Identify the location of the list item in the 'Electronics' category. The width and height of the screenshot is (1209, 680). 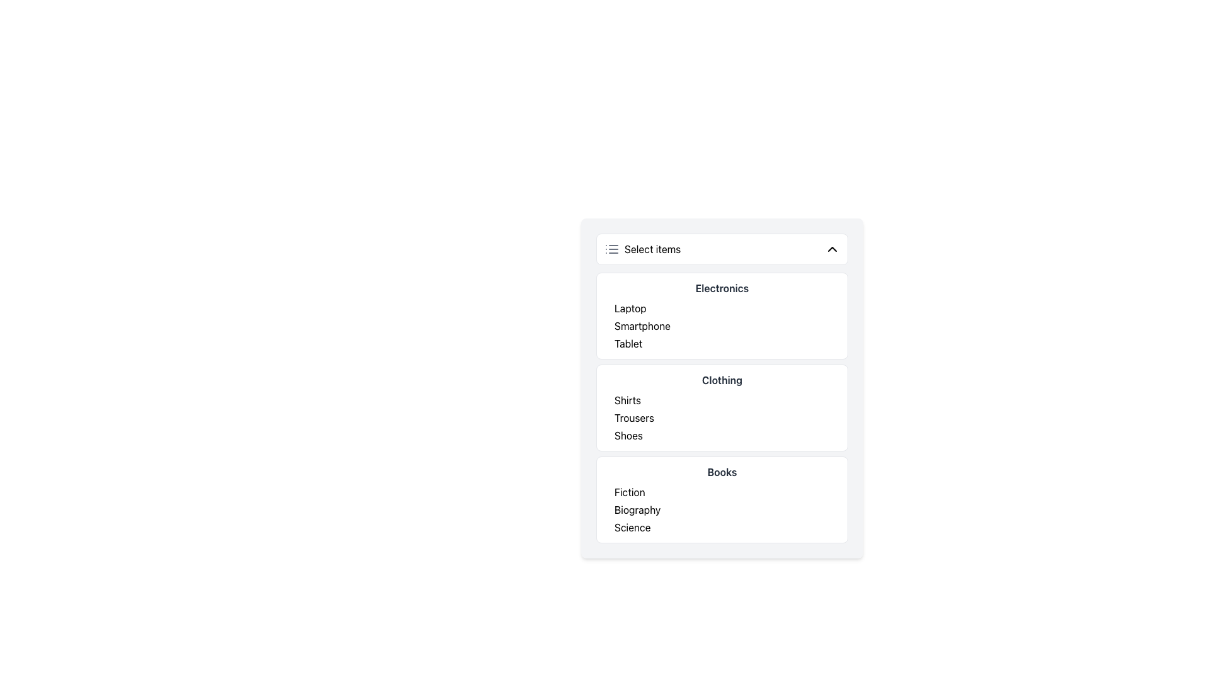
(722, 325).